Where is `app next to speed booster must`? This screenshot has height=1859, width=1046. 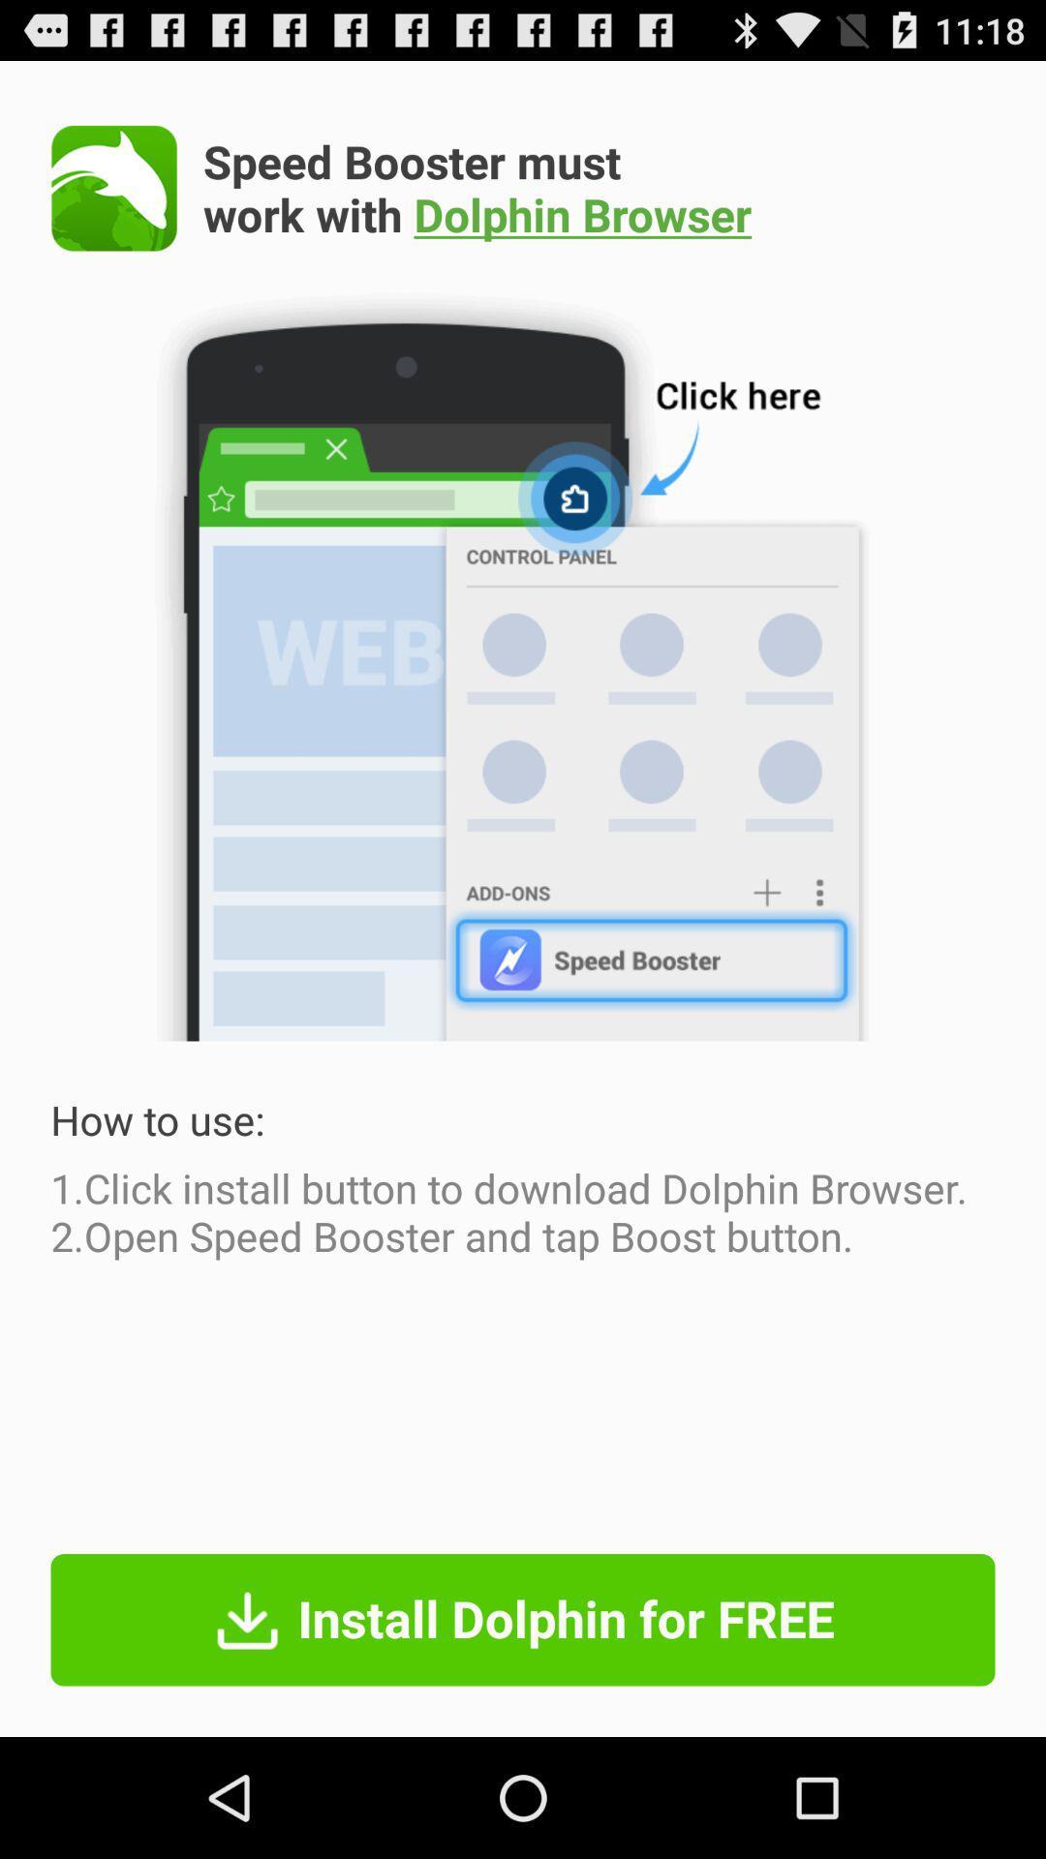
app next to speed booster must is located at coordinates (114, 188).